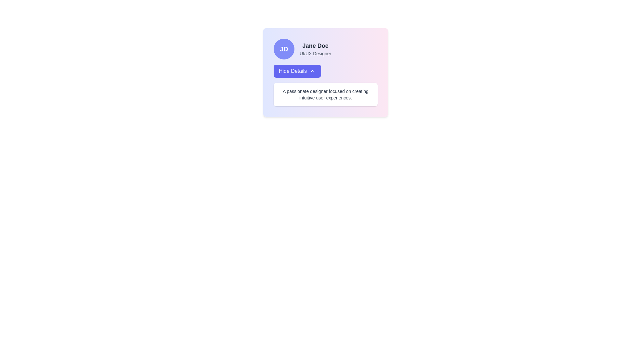  Describe the element at coordinates (297, 71) in the screenshot. I see `the 'Hide Details' button located below the profile information of 'Jane Doe' to hide additional details` at that location.